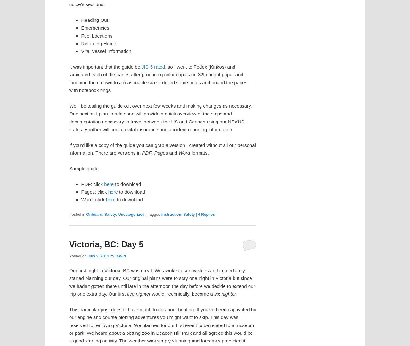  What do you see at coordinates (94, 19) in the screenshot?
I see `'Heading Out'` at bounding box center [94, 19].